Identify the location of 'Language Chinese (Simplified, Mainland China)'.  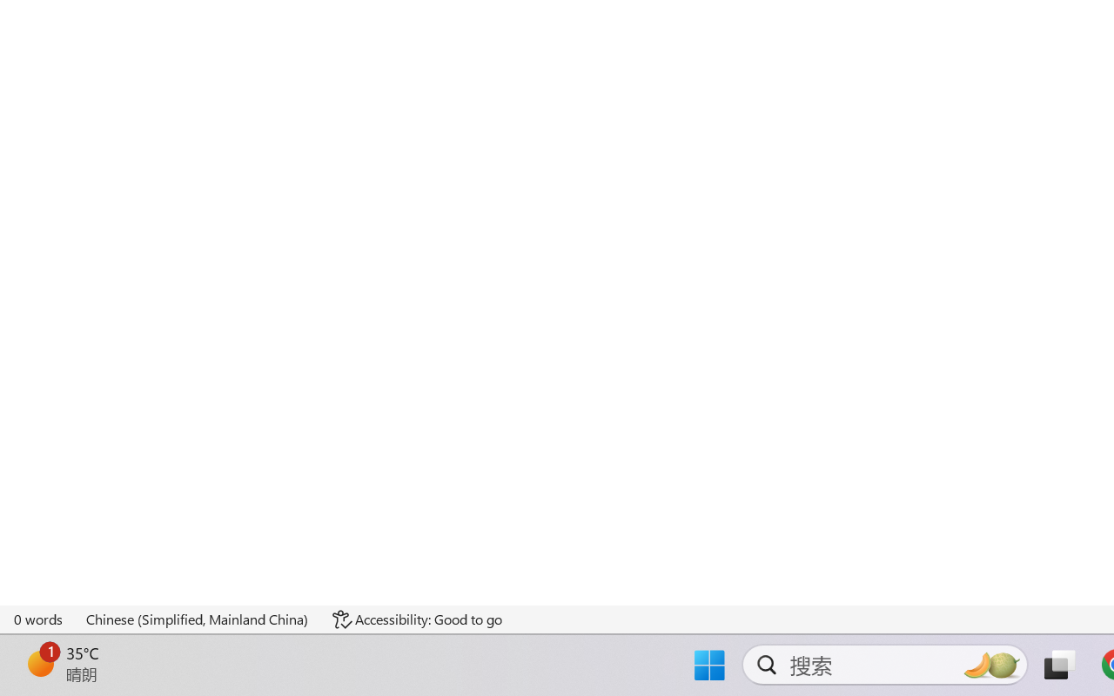
(198, 619).